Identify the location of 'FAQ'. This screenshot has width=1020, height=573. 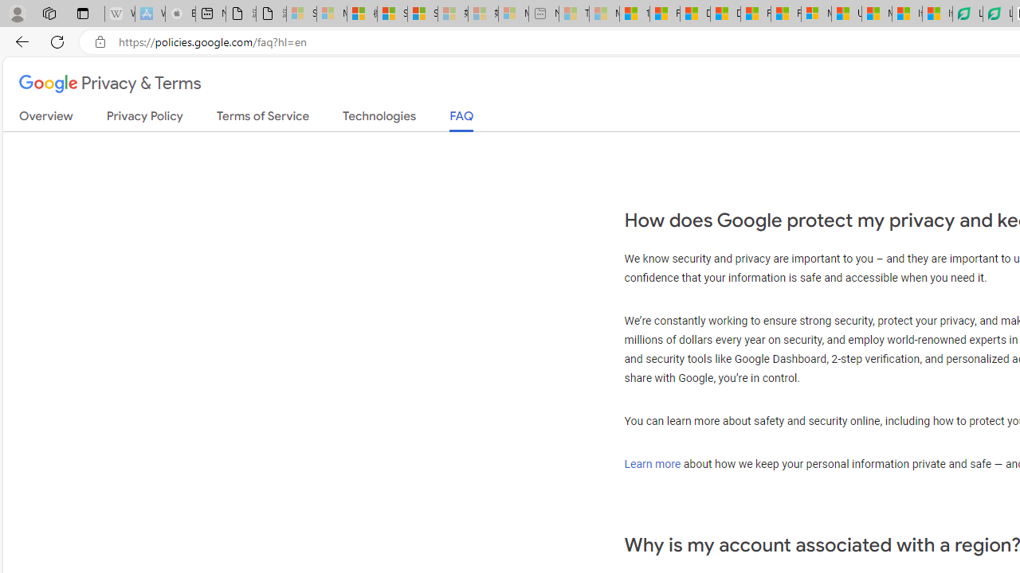
(461, 119).